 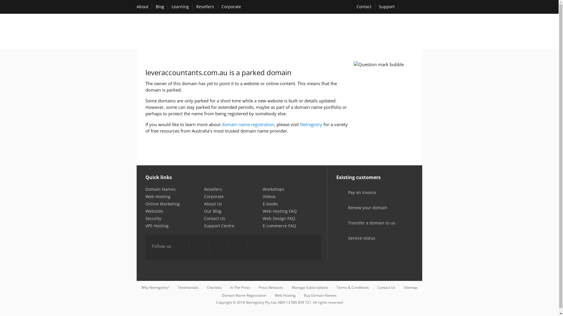 What do you see at coordinates (160, 189) in the screenshot?
I see `'Domain Names'` at bounding box center [160, 189].